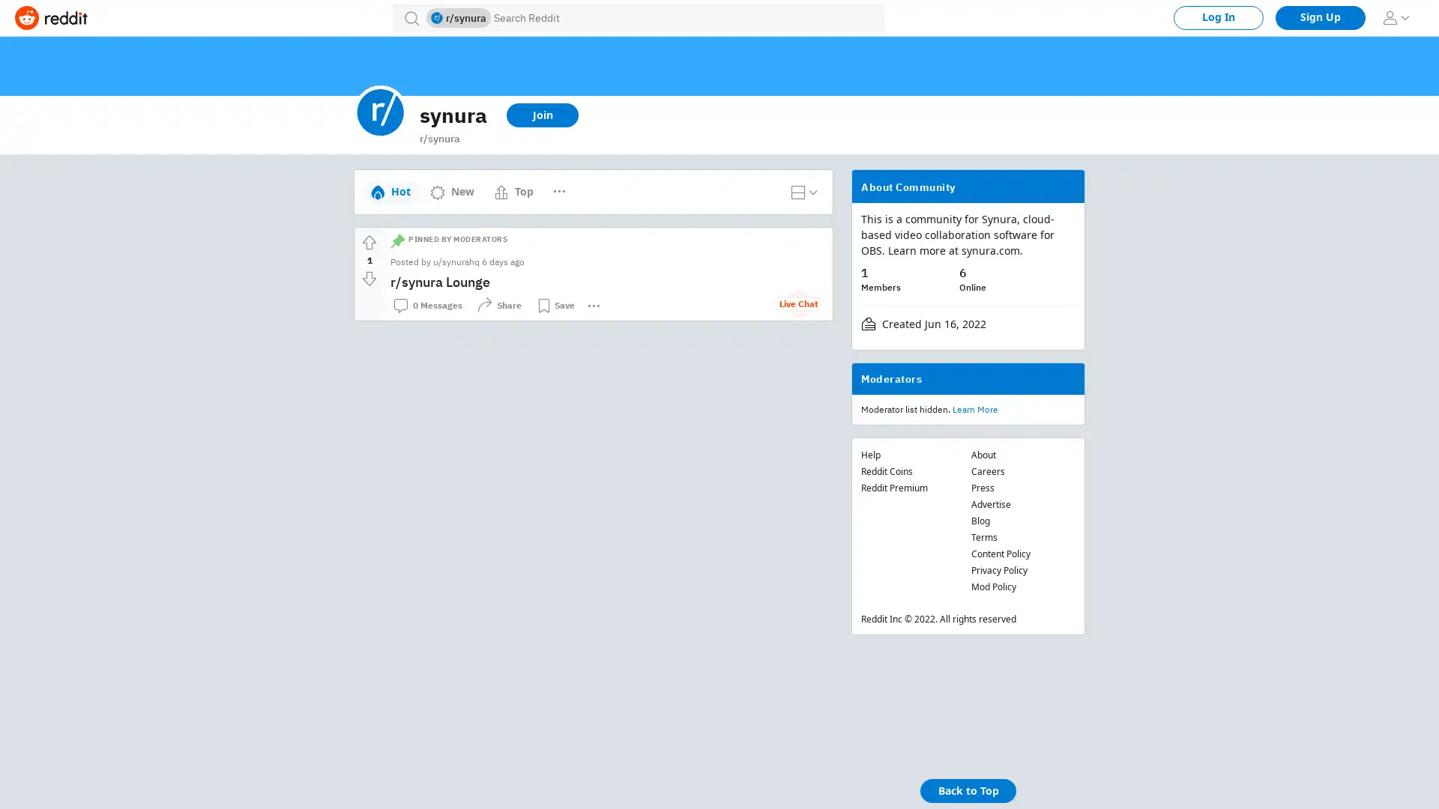 This screenshot has width=1439, height=809. I want to click on New, so click(451, 190).